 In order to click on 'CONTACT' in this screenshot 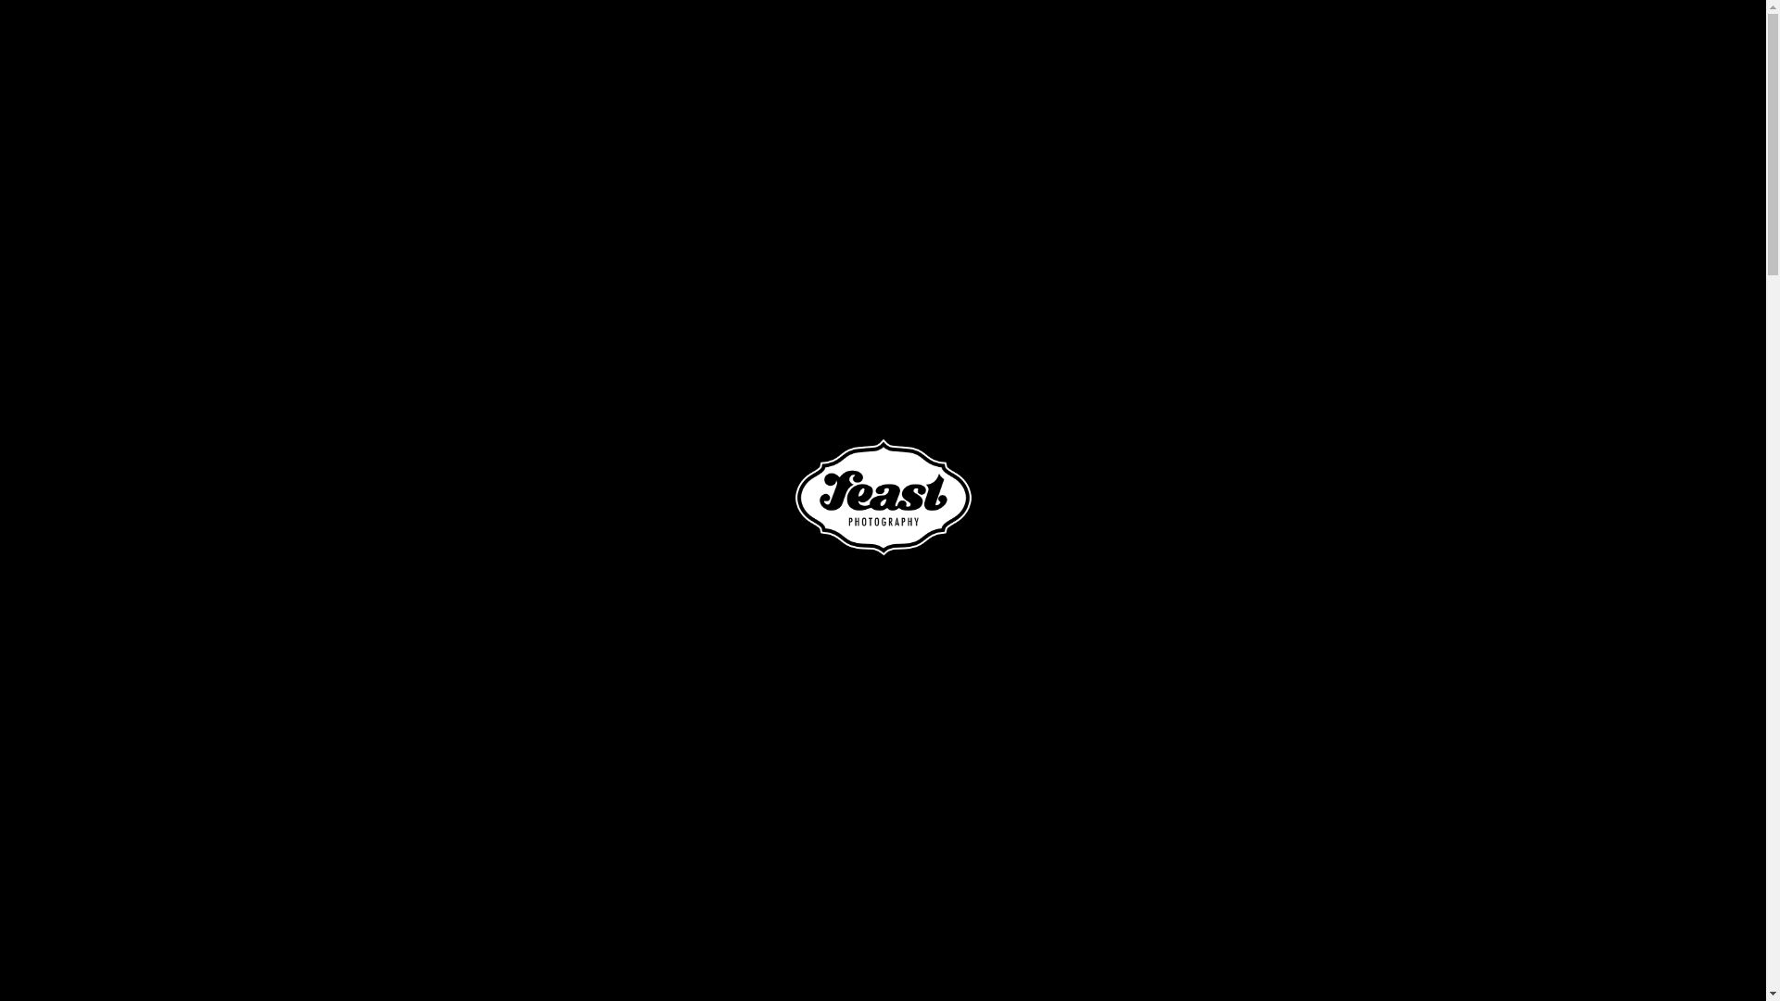, I will do `click(1642, 45)`.